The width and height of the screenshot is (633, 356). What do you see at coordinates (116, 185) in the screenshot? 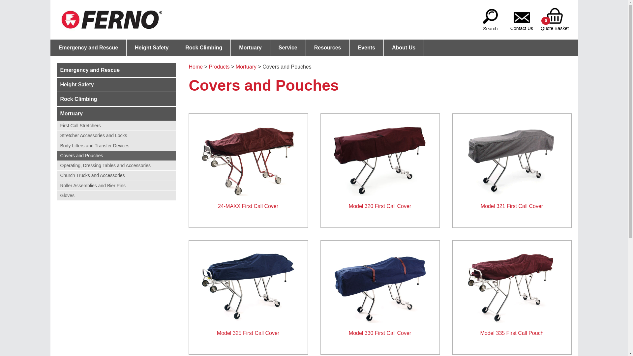
I see `'Roller Assemblies and Bier Pins'` at bounding box center [116, 185].